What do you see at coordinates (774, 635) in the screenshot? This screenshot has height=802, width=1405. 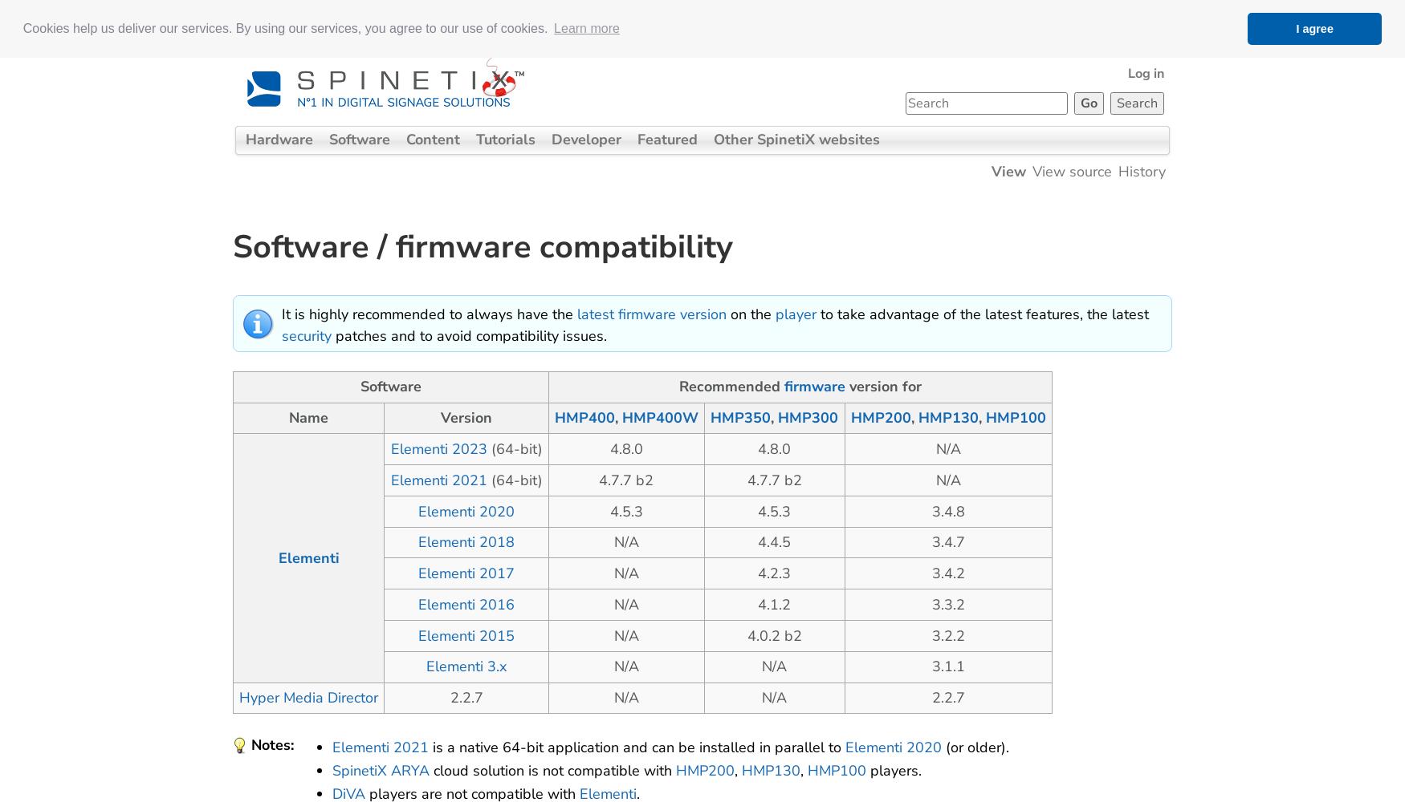 I see `'4.0.2 b2'` at bounding box center [774, 635].